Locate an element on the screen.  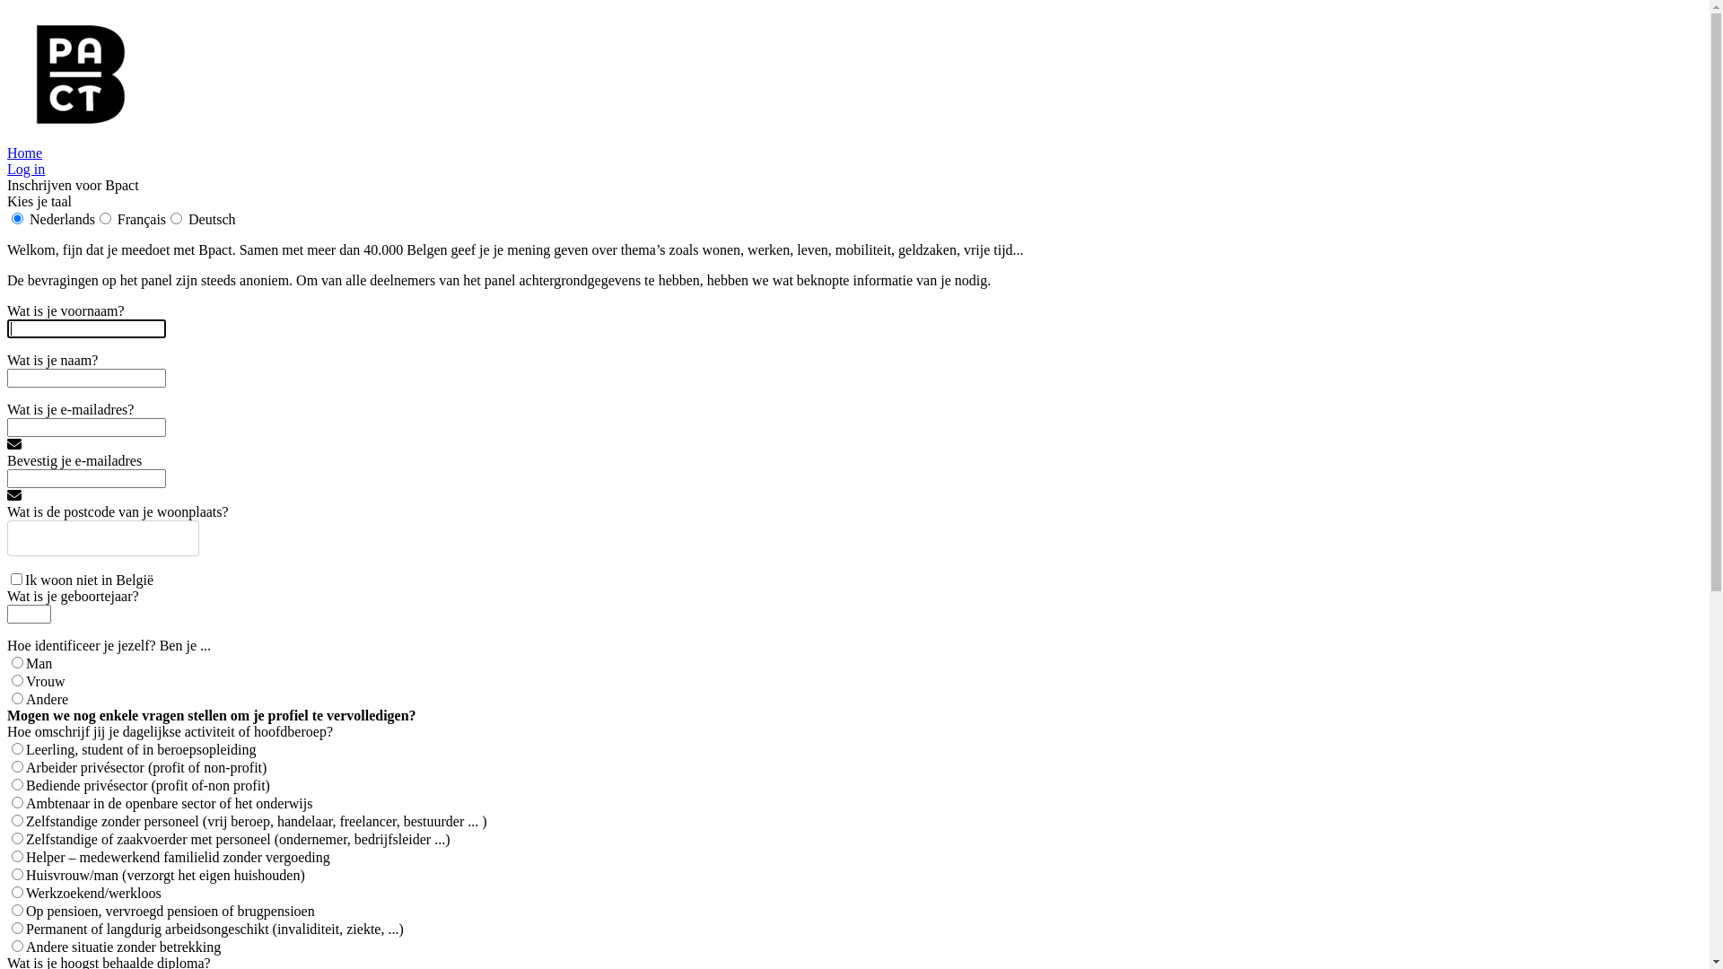
'Home' is located at coordinates (24, 152).